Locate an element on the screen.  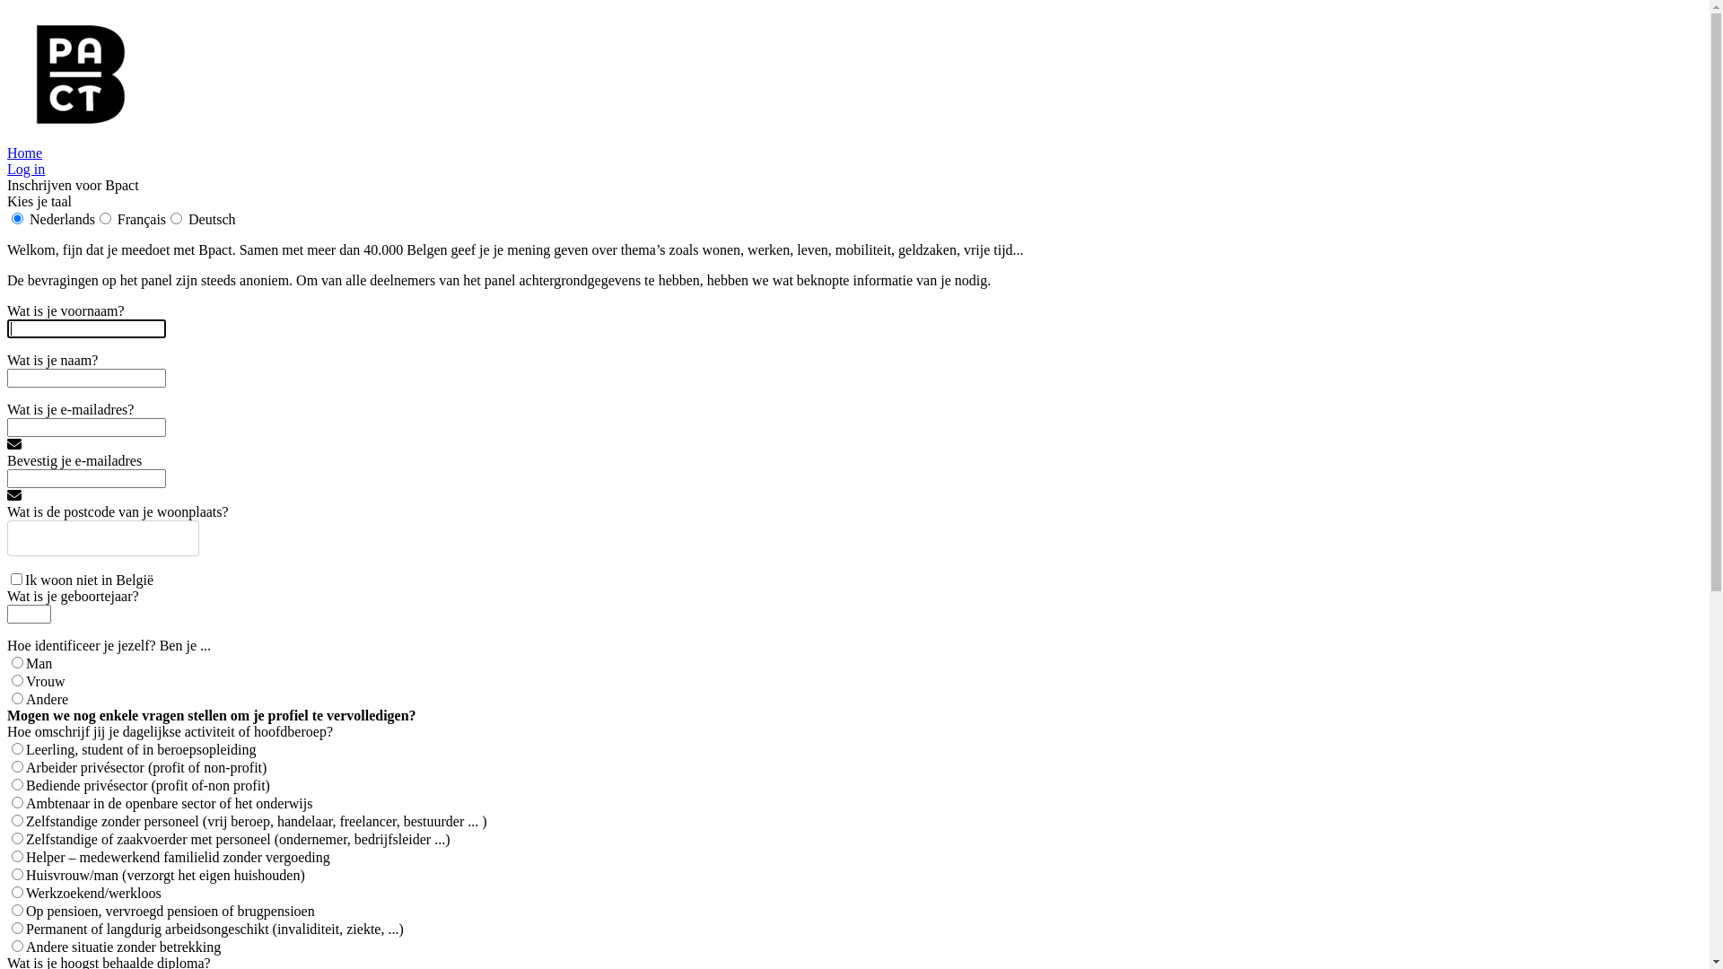
'Home' is located at coordinates (24, 152).